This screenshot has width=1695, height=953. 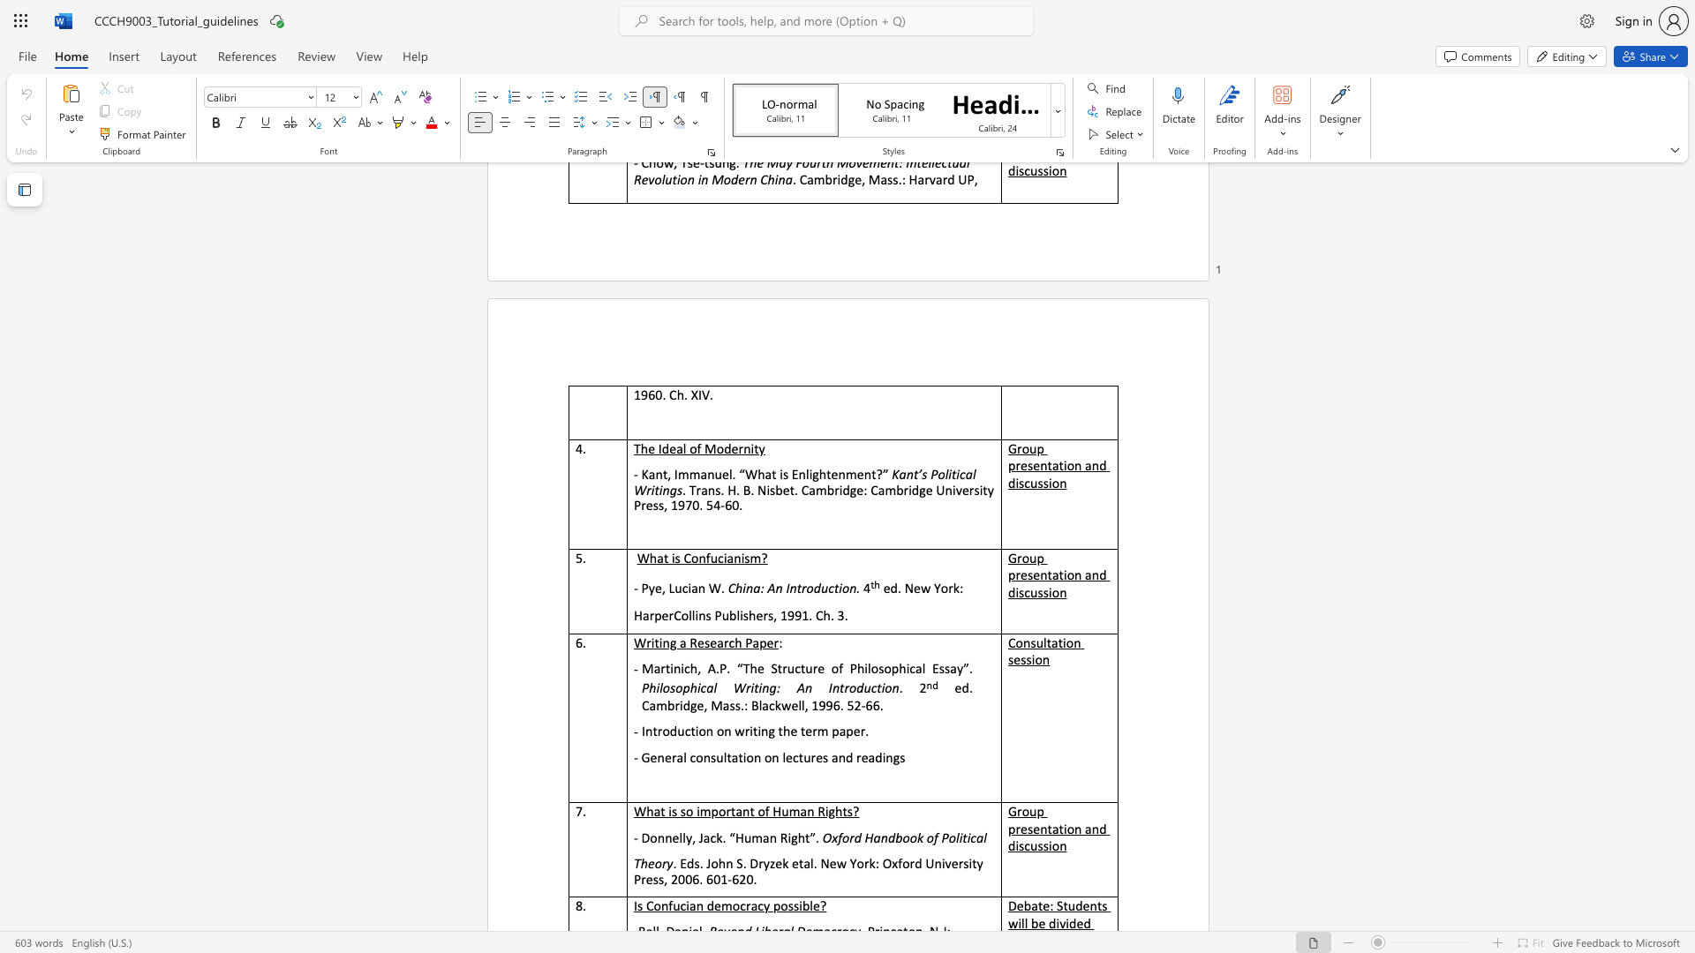 What do you see at coordinates (1040, 828) in the screenshot?
I see `the subset text "ntation a" within the text "Group presentation and discussion"` at bounding box center [1040, 828].